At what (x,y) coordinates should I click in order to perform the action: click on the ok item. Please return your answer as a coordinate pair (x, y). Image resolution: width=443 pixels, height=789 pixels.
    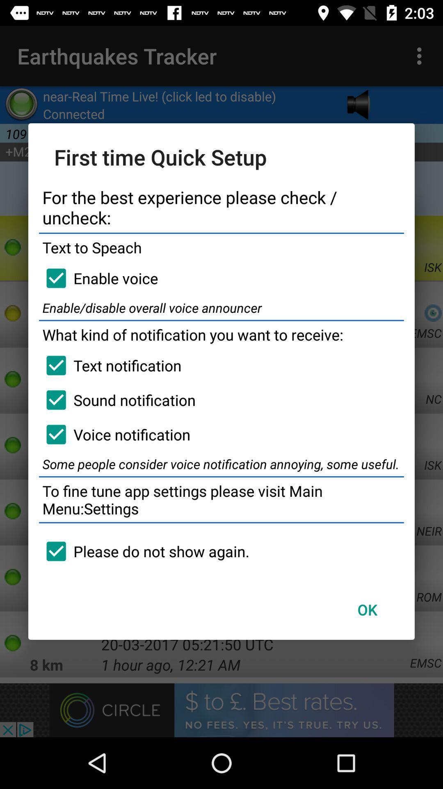
    Looking at the image, I should click on (367, 609).